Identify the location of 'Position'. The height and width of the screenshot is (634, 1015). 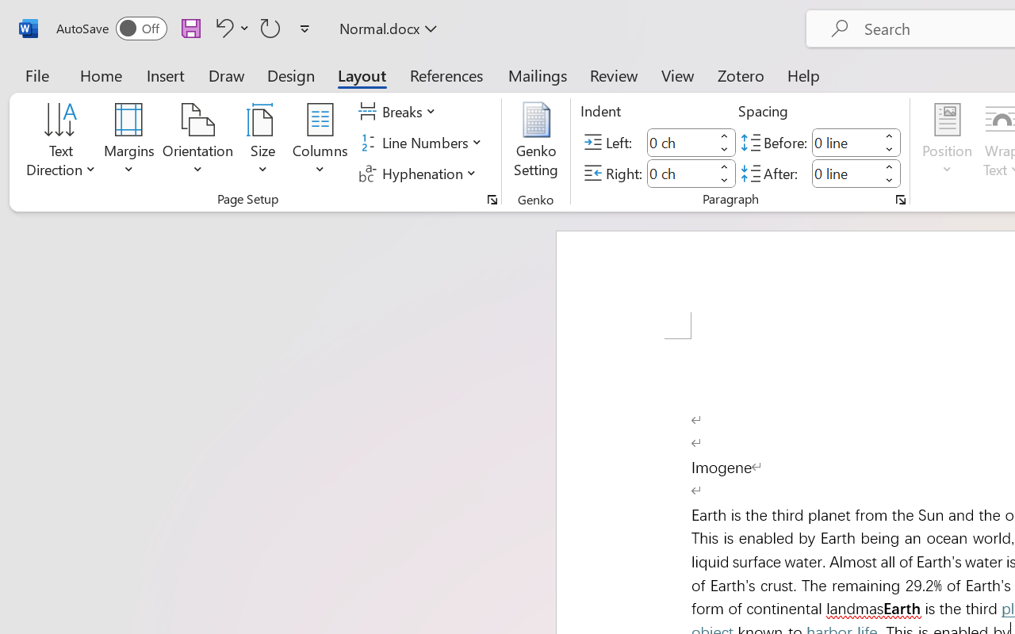
(947, 142).